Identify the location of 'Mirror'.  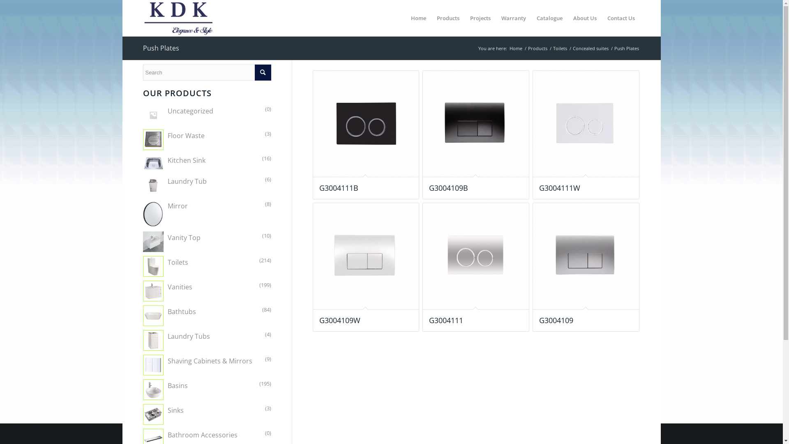
(153, 213).